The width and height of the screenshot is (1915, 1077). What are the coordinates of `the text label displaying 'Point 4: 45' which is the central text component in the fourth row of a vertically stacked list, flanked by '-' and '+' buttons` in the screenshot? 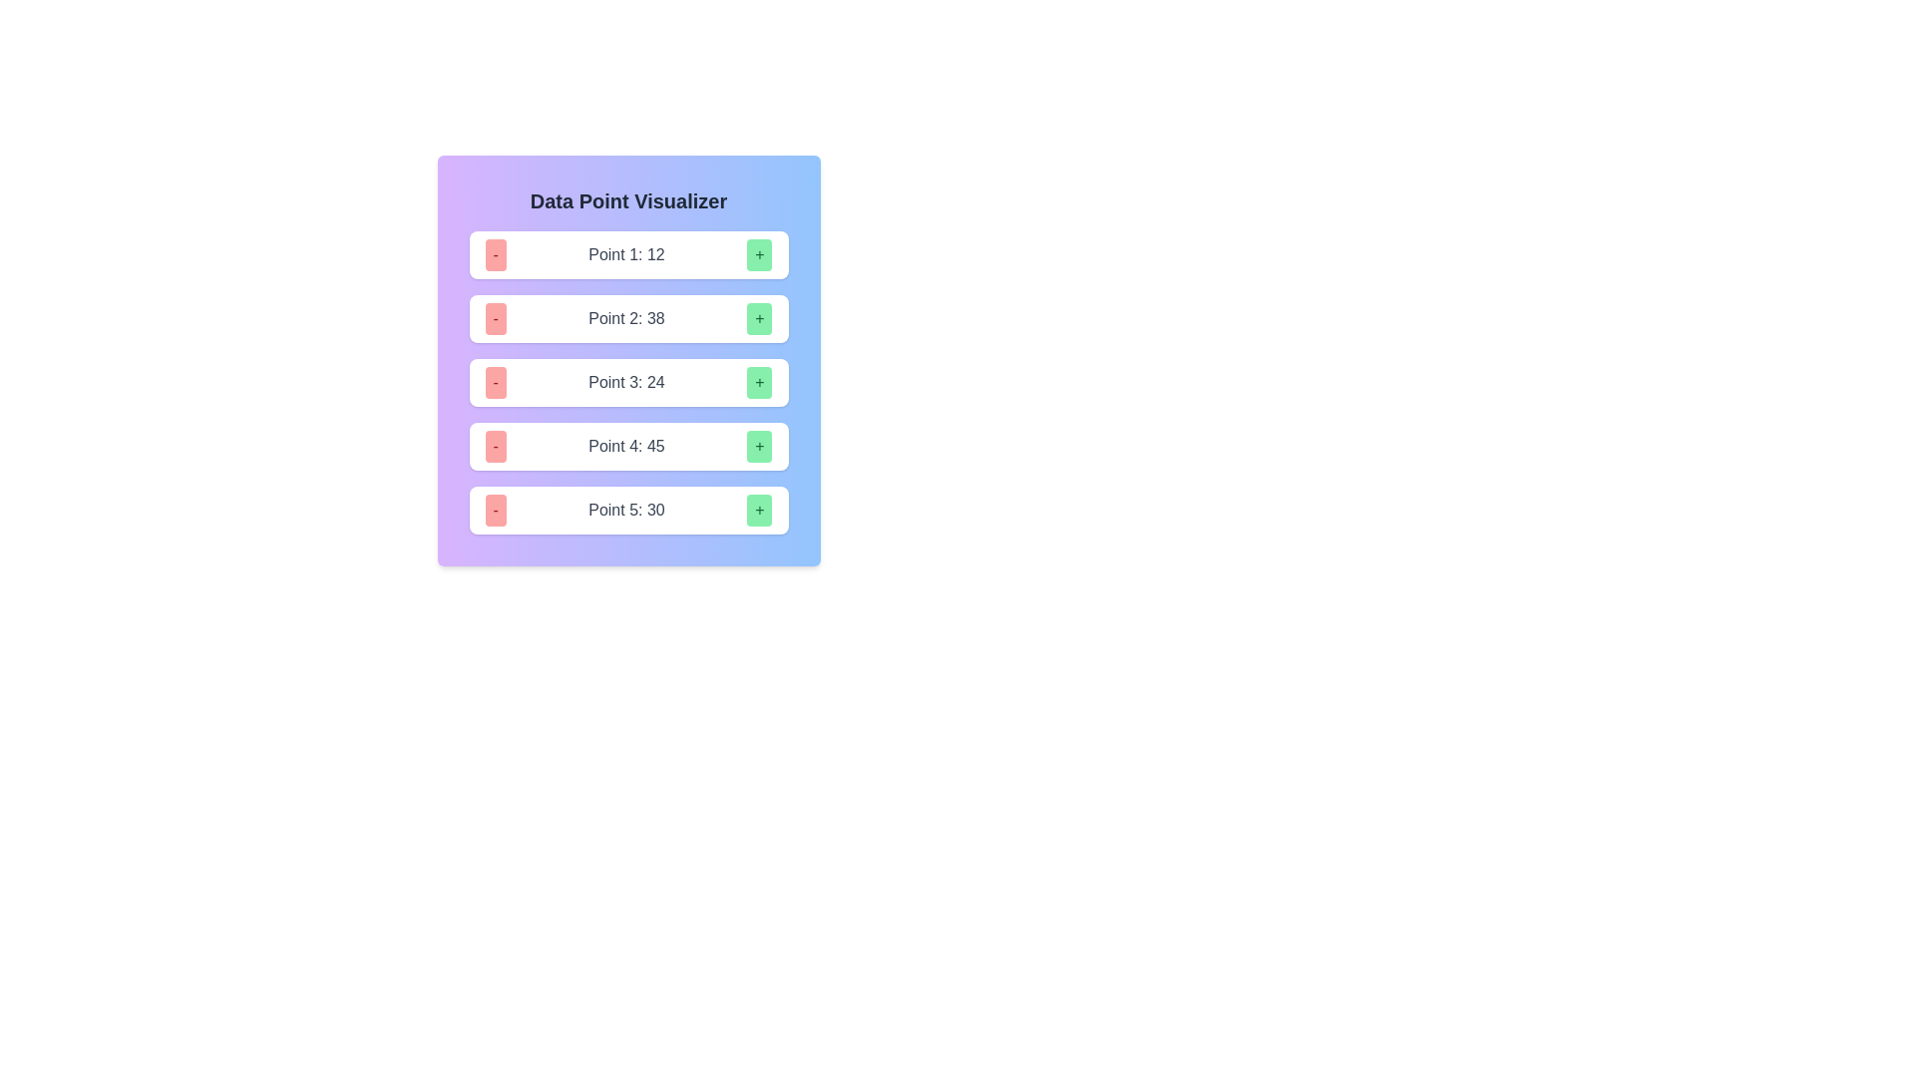 It's located at (625, 445).